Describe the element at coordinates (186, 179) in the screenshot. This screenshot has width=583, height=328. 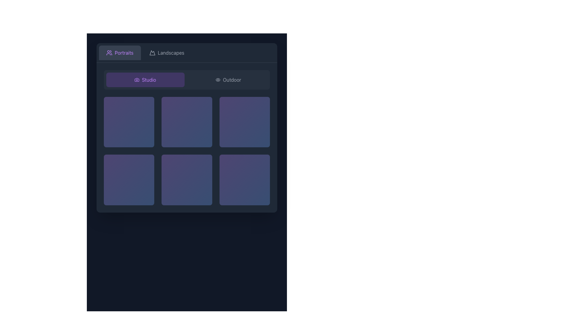
I see `the fifth card in the gallery layout, located in the second row and second column, displaying a photo or card preview` at that location.